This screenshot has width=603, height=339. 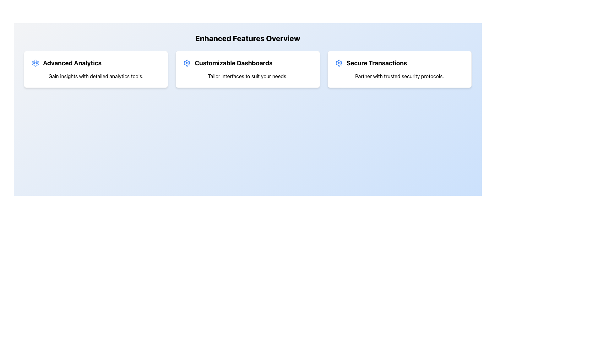 I want to click on the card titled 'Secure Transactions' which is the third card in a horizontal grid layout, featuring a bold title and an icon of a setting wheel, so click(x=399, y=69).